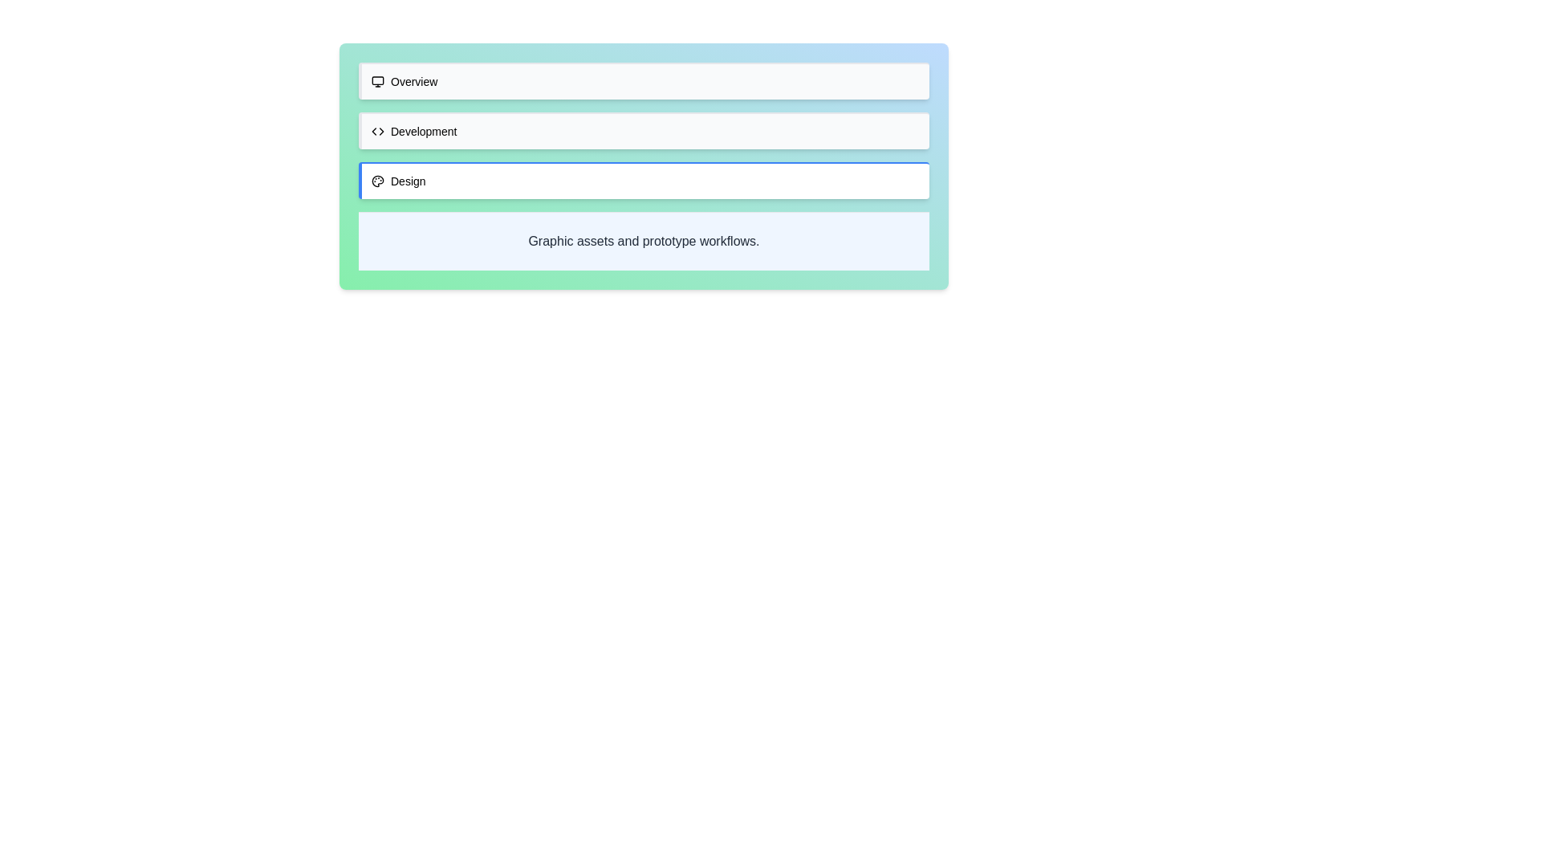 This screenshot has height=867, width=1541. Describe the element at coordinates (644, 180) in the screenshot. I see `the tab labeled Design to change the active content` at that location.